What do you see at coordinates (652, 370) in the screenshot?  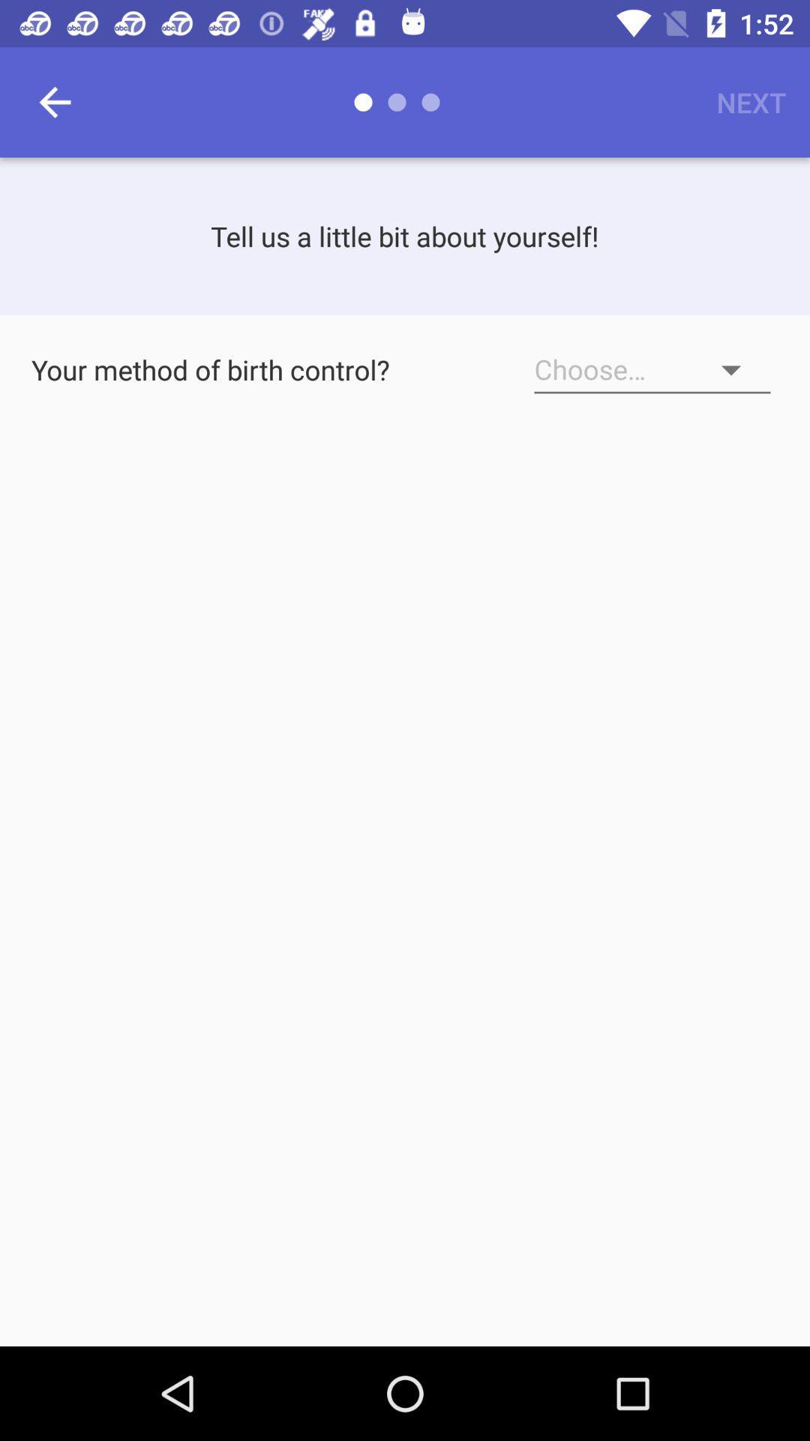 I see `method of birth control` at bounding box center [652, 370].